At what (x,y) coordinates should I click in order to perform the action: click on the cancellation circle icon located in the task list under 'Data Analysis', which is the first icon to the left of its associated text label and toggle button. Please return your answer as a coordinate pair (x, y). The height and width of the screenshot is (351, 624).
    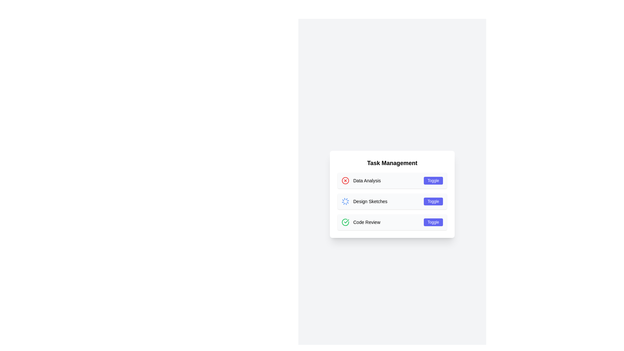
    Looking at the image, I should click on (345, 180).